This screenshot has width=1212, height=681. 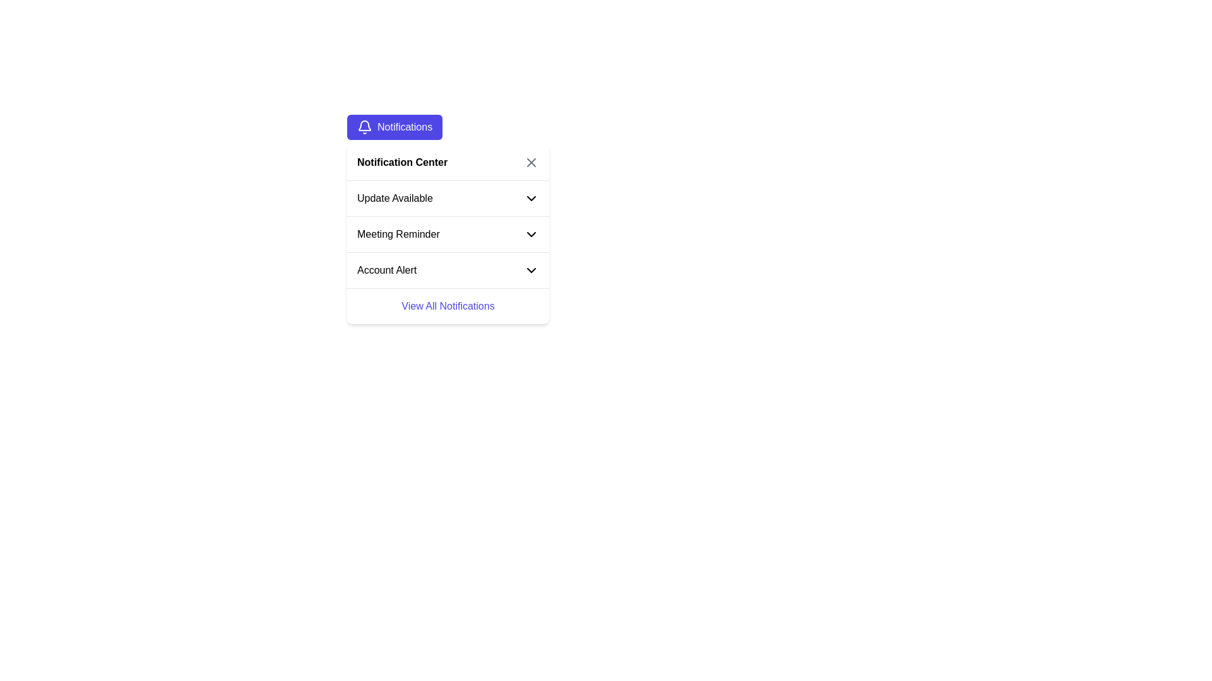 I want to click on the 'View All Notifications' text link in indigo-blue font located at the bottom of the 'Notification Center' dropdown panel, so click(x=448, y=306).